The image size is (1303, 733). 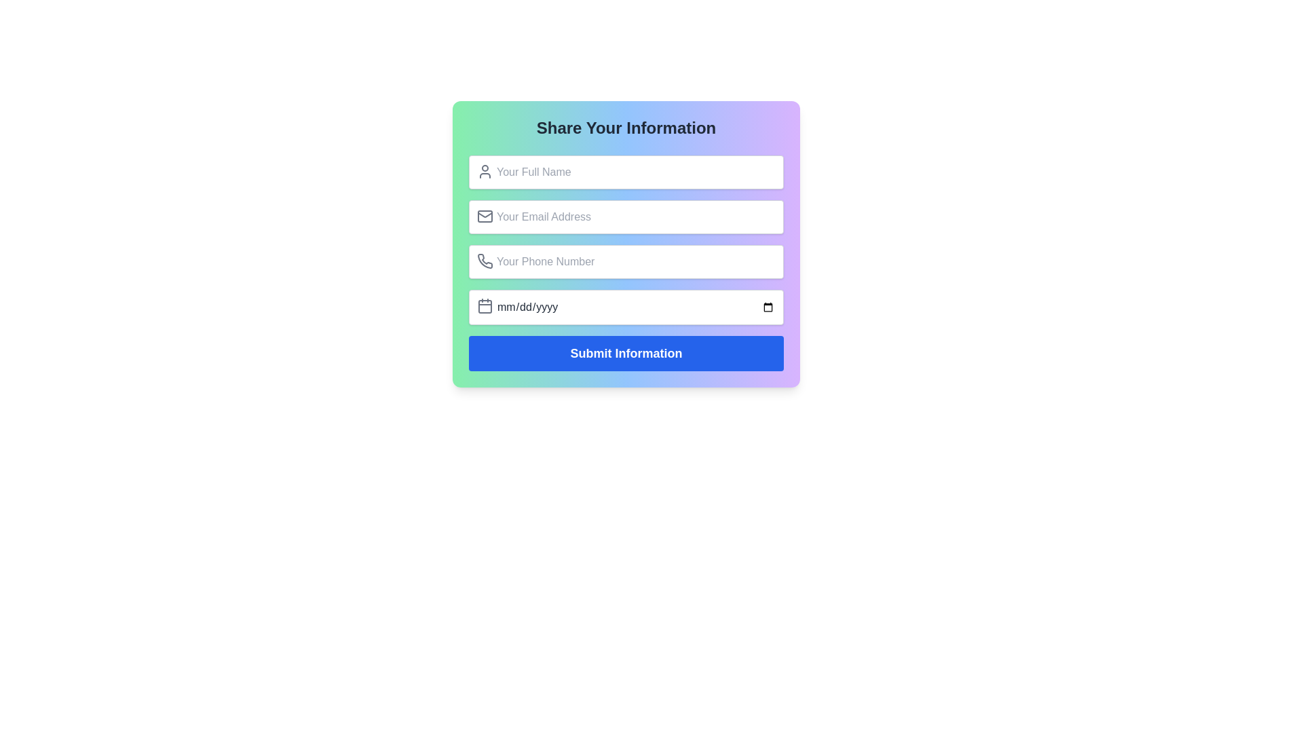 What do you see at coordinates (625, 352) in the screenshot?
I see `the 'Submit Information' button, which is a rectangular button with a blue background and white bold text` at bounding box center [625, 352].